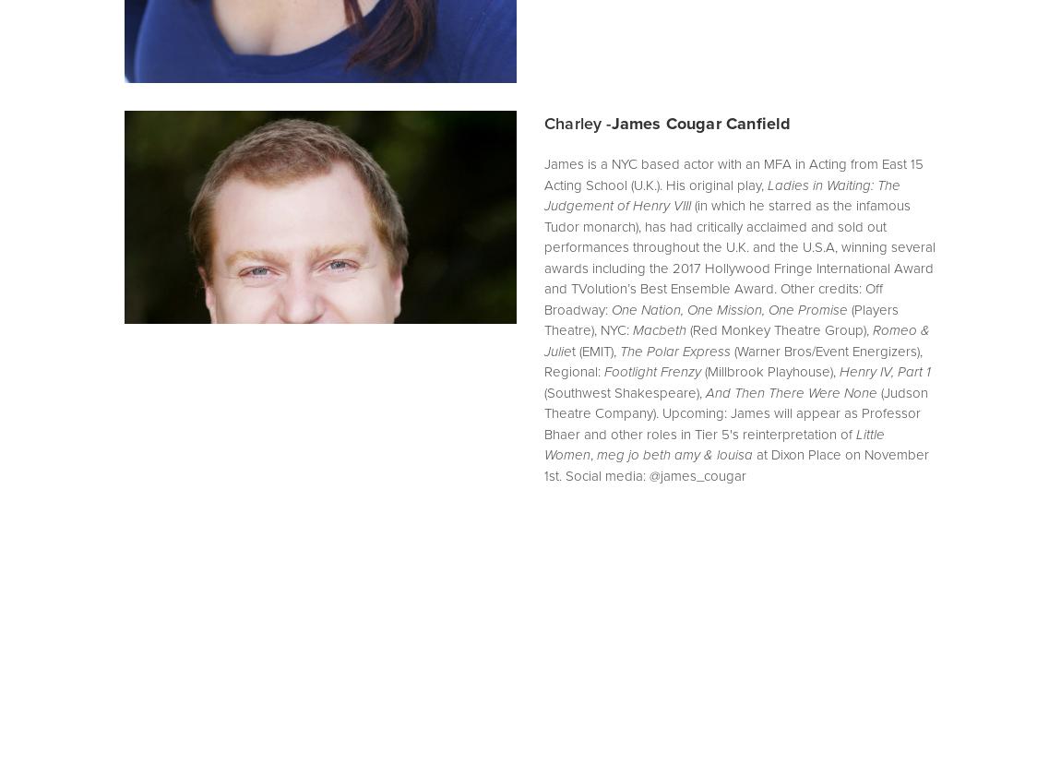 The width and height of the screenshot is (1061, 764). Describe the element at coordinates (715, 443) in the screenshot. I see `'Little Women'` at that location.